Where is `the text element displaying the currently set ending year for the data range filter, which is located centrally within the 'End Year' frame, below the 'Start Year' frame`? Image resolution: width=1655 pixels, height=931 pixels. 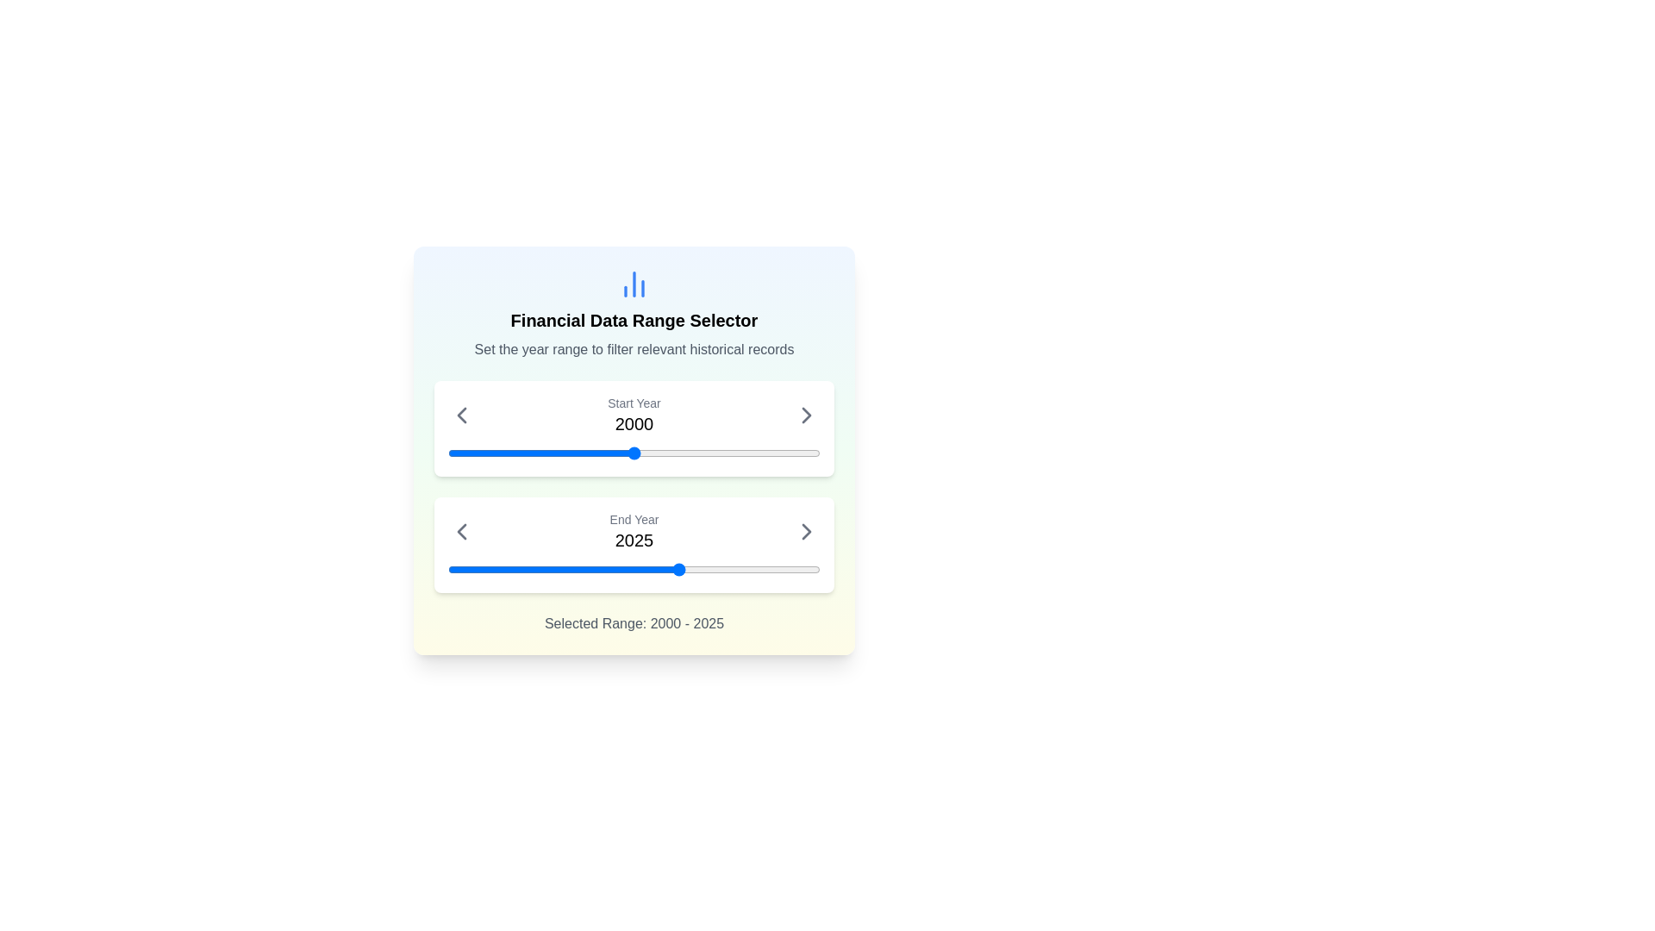 the text element displaying the currently set ending year for the data range filter, which is located centrally within the 'End Year' frame, below the 'Start Year' frame is located at coordinates (633, 540).